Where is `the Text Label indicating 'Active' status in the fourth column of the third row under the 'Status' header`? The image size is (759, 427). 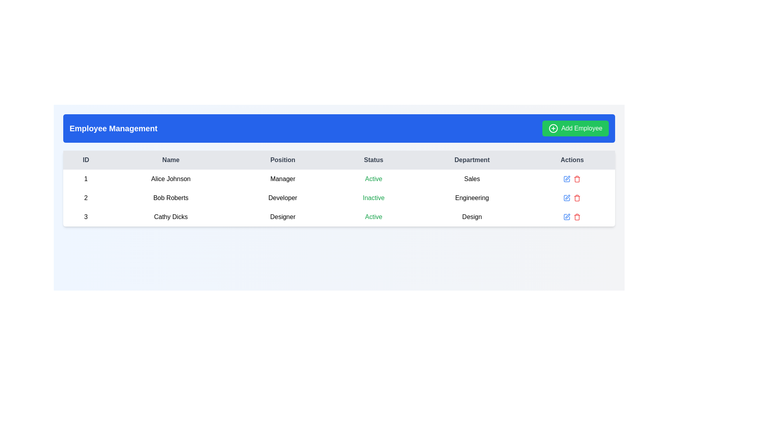
the Text Label indicating 'Active' status in the fourth column of the third row under the 'Status' header is located at coordinates (373, 217).